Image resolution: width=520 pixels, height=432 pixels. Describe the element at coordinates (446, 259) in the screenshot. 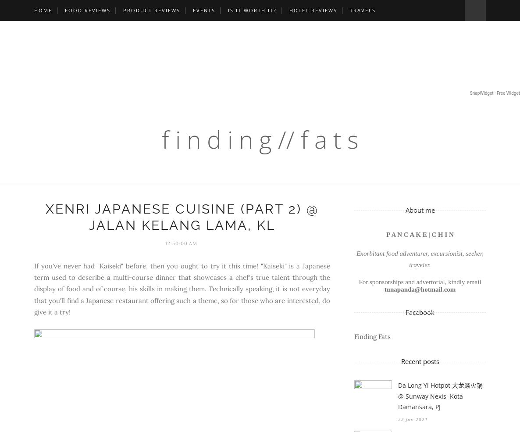

I see `', seeker, traveler.'` at that location.